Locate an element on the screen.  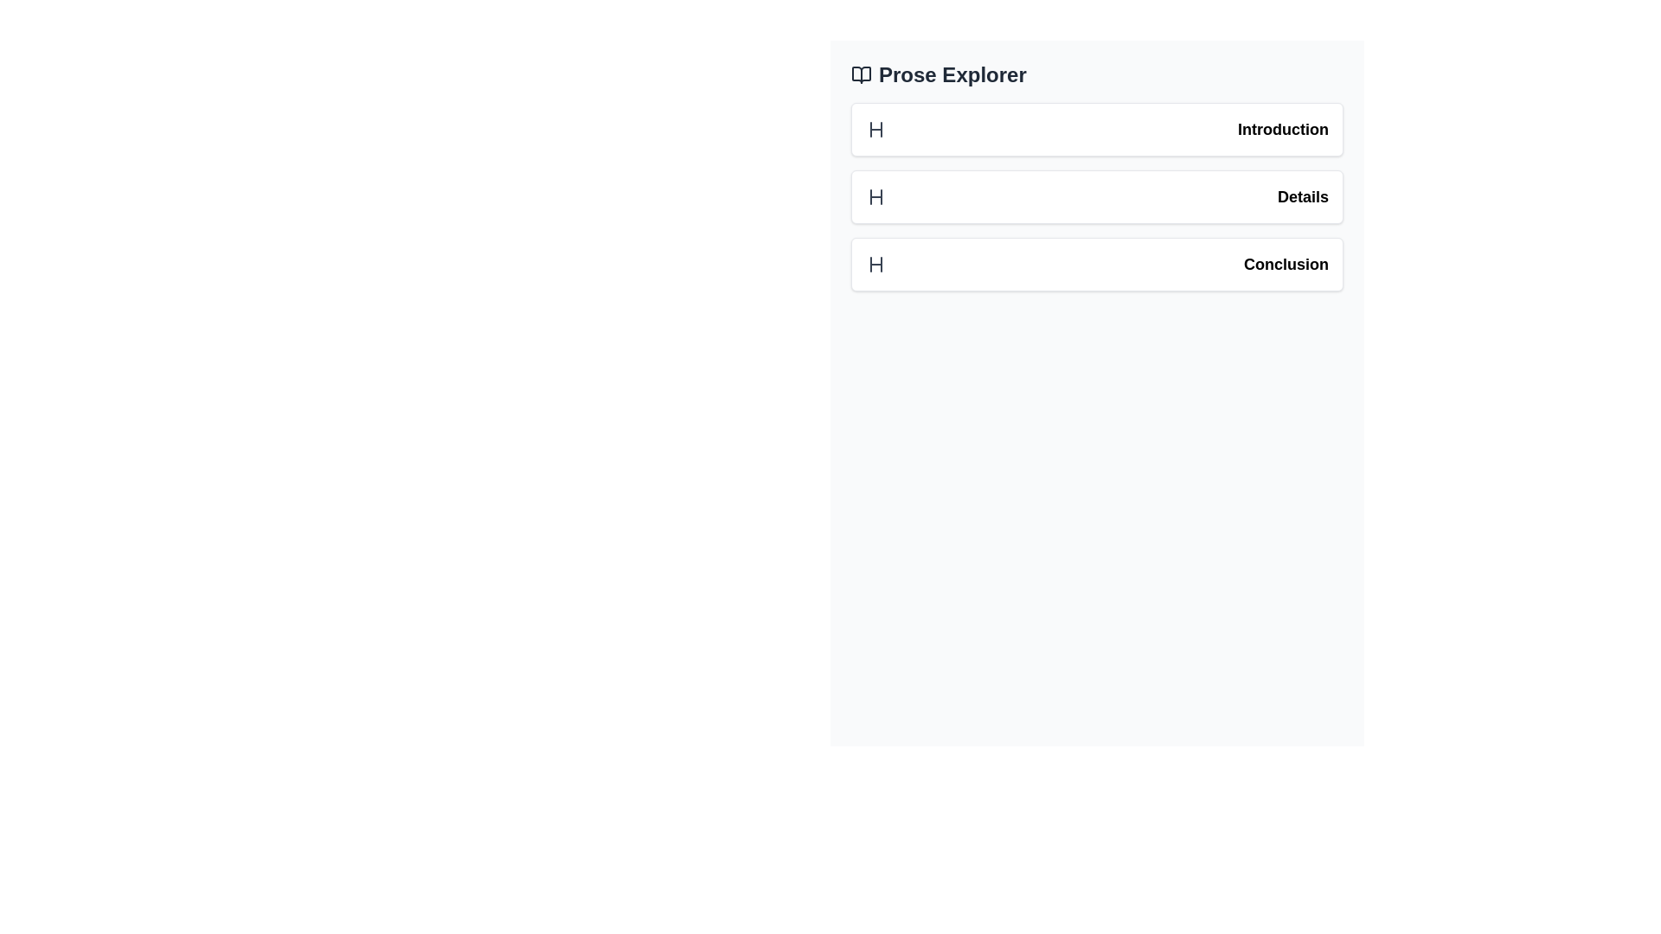
the open book icon located at the top left corner of the application view, adjacent to the 'Prose Explorer' text is located at coordinates (862, 74).